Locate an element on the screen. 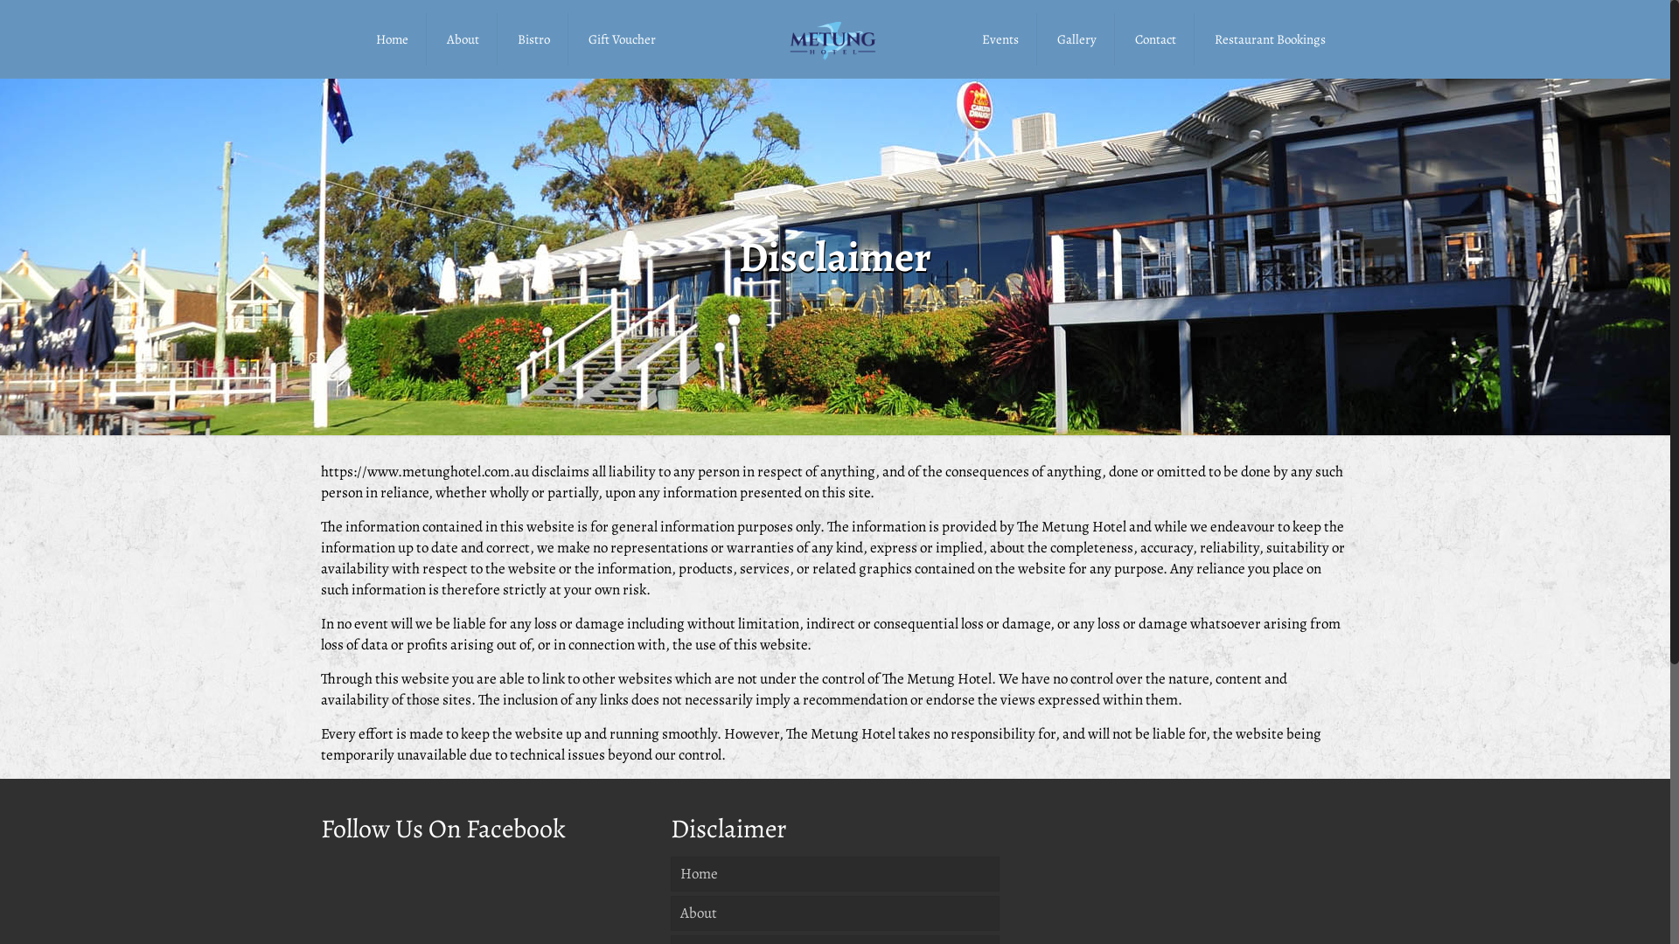 The height and width of the screenshot is (944, 1679). 'Gallery' is located at coordinates (1076, 39).